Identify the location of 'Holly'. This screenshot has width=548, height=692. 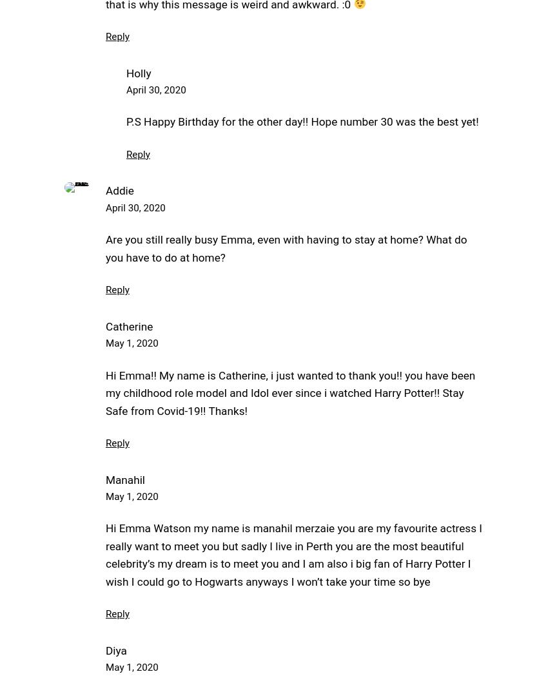
(138, 72).